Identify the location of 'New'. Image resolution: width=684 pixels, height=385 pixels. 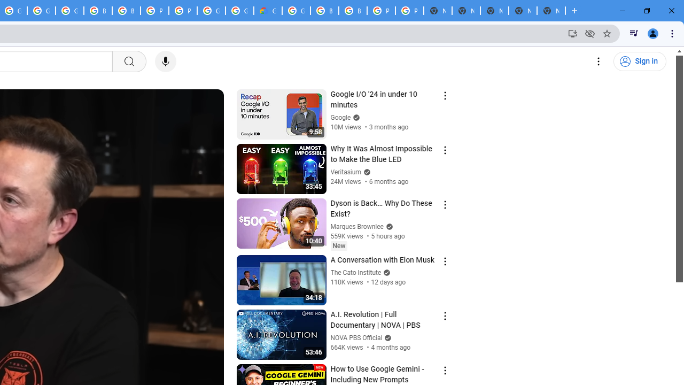
(338, 245).